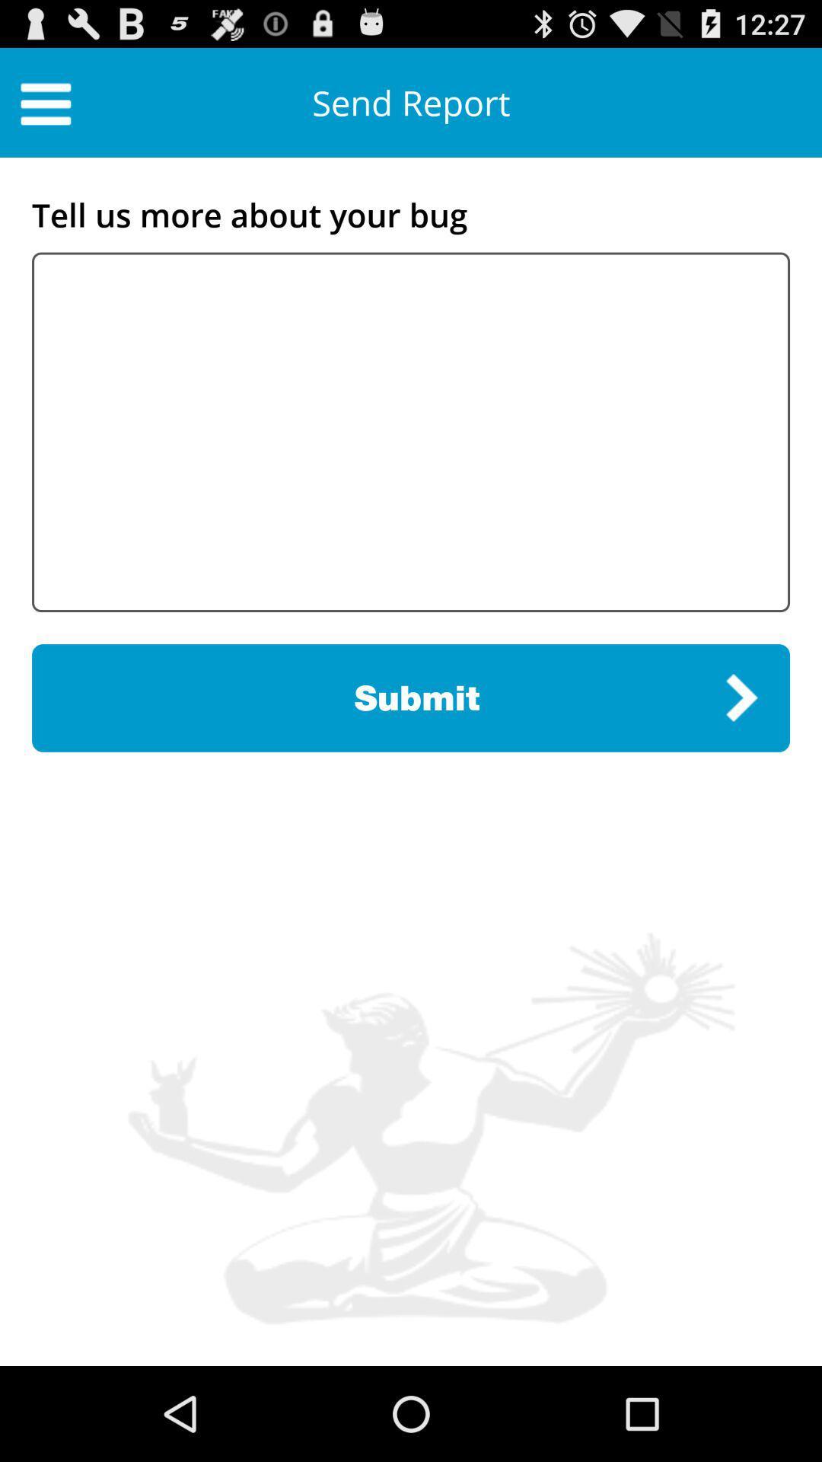  What do you see at coordinates (411, 697) in the screenshot?
I see `the submit item` at bounding box center [411, 697].